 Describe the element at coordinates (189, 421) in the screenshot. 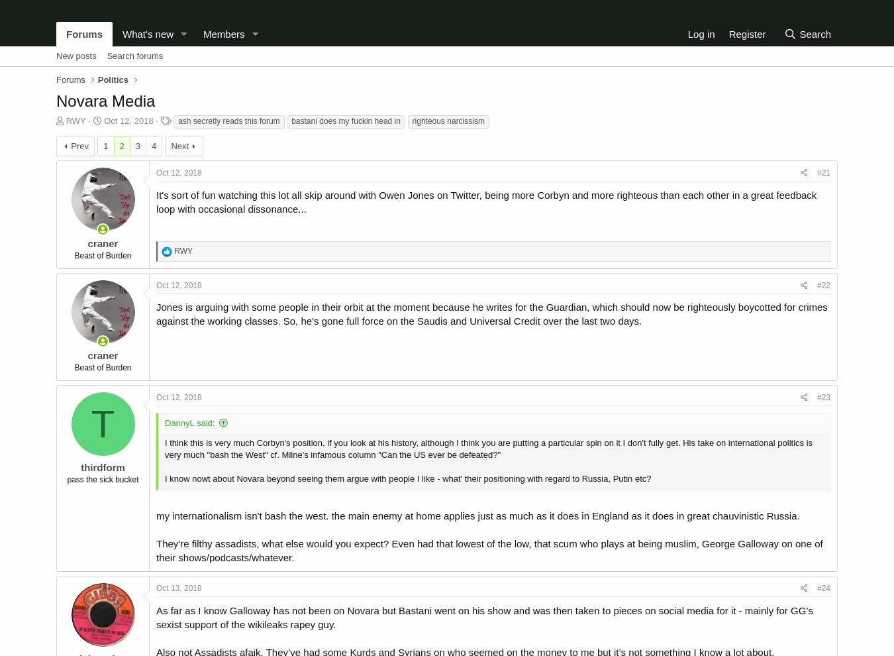

I see `'DannyL said:'` at that location.